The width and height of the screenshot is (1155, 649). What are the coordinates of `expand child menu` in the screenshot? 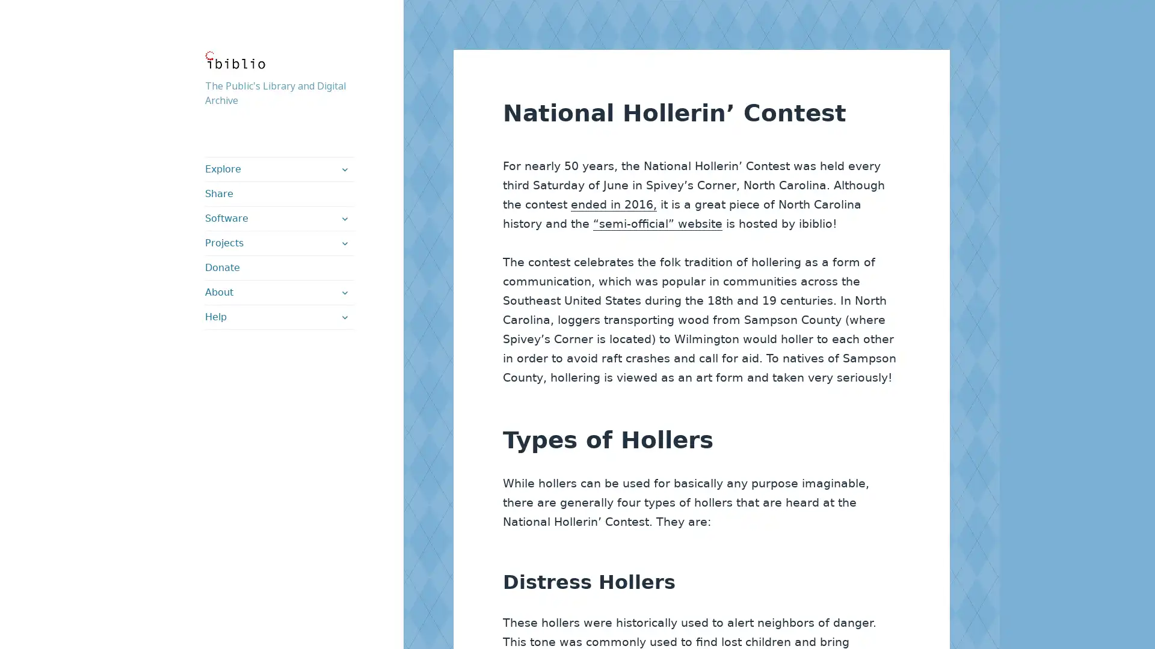 It's located at (343, 243).